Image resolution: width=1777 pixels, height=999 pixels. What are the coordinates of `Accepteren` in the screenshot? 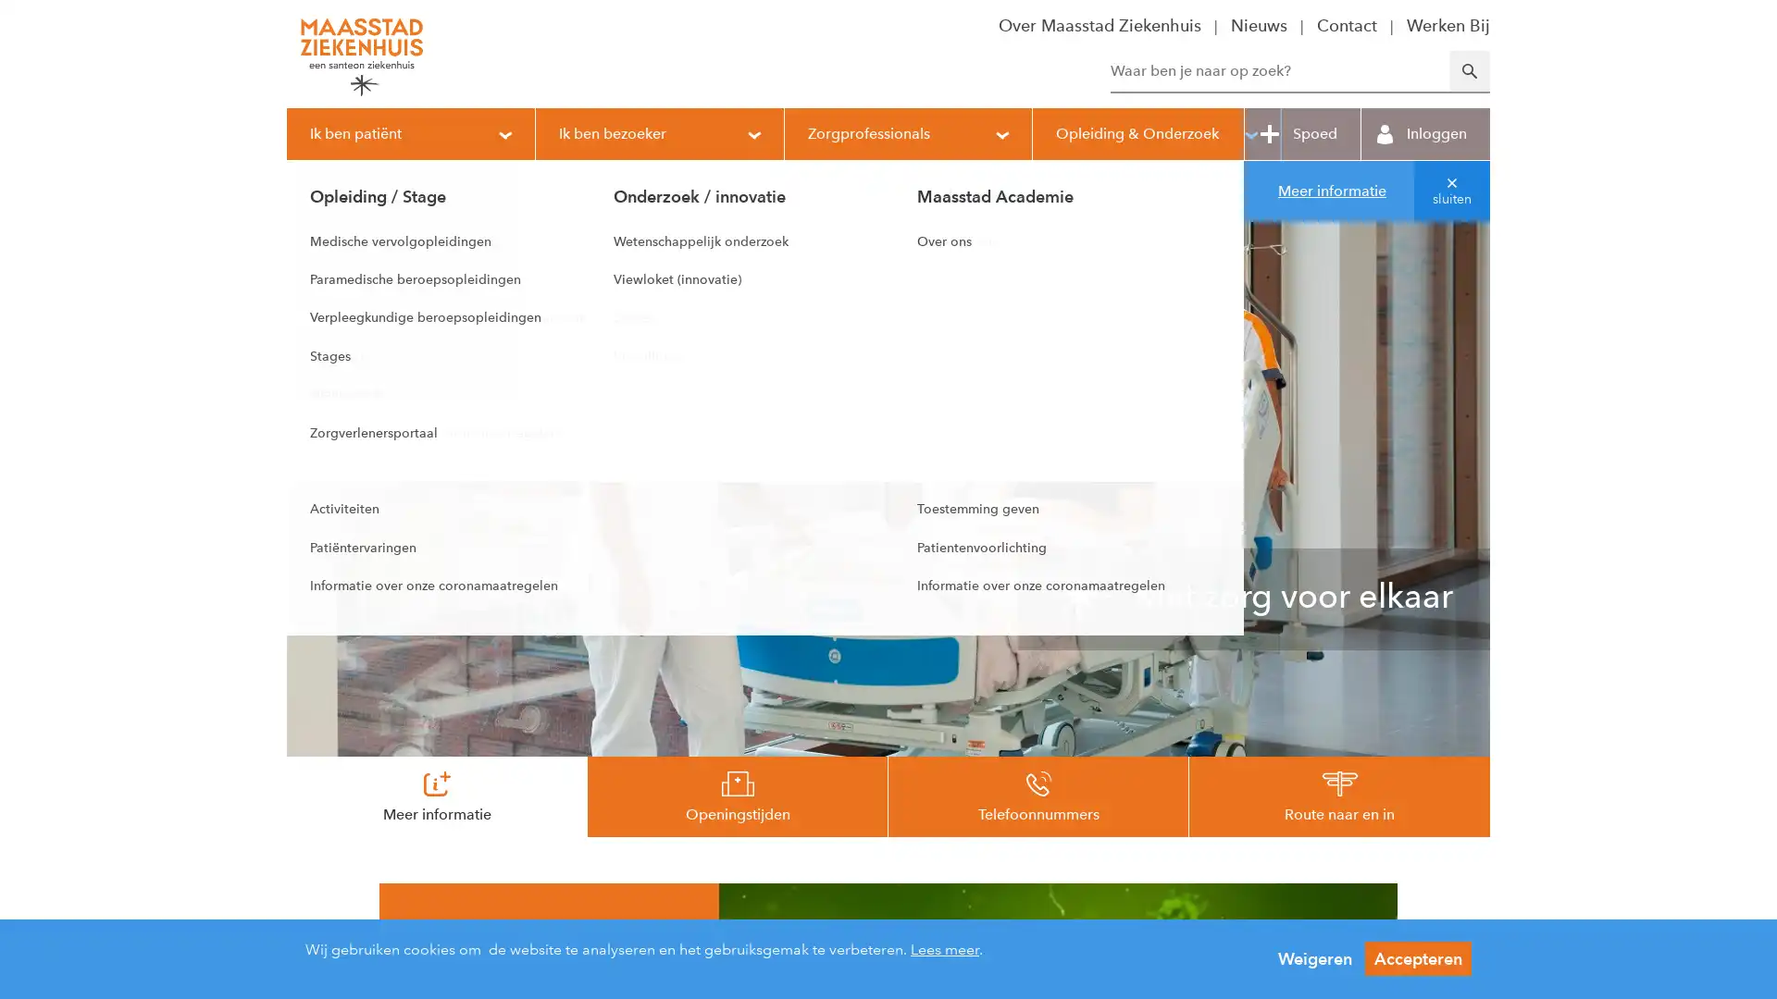 It's located at (1417, 957).